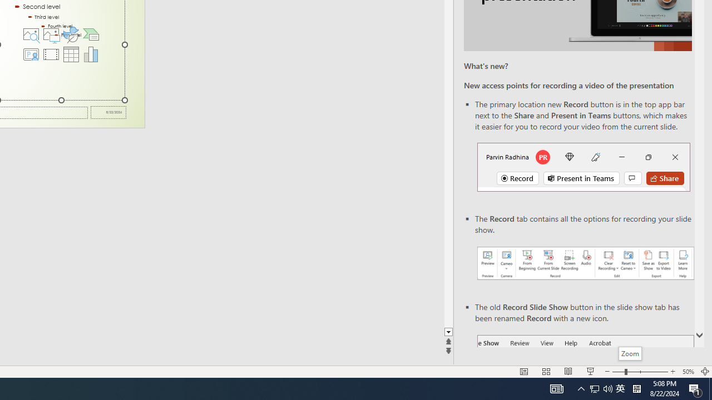  What do you see at coordinates (31, 54) in the screenshot?
I see `'Insert Cameo'` at bounding box center [31, 54].